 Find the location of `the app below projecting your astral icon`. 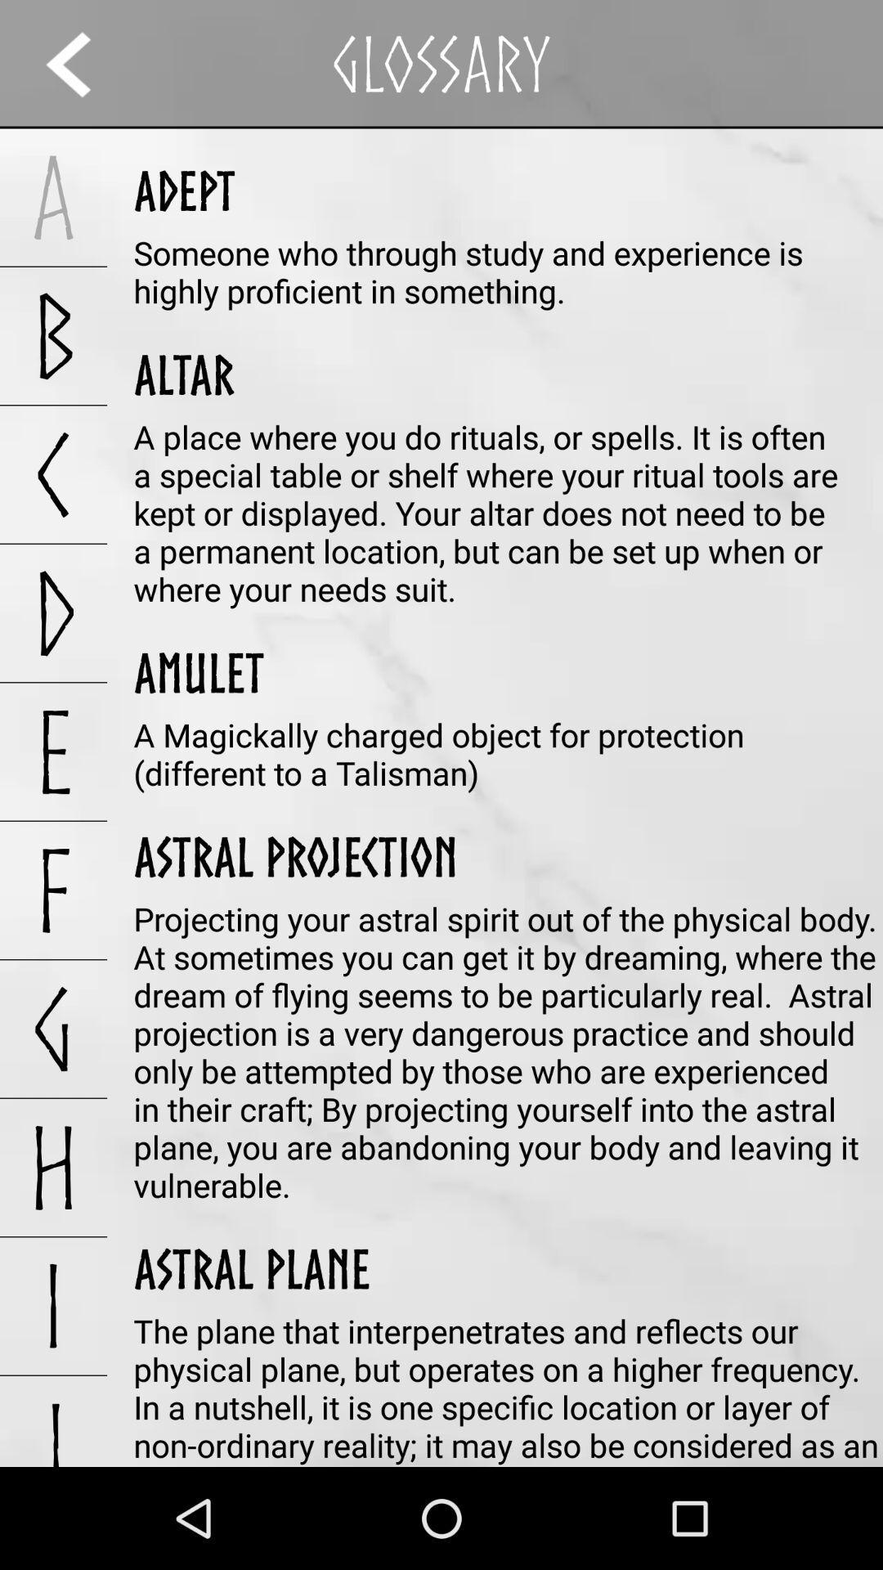

the app below projecting your astral icon is located at coordinates (252, 1267).